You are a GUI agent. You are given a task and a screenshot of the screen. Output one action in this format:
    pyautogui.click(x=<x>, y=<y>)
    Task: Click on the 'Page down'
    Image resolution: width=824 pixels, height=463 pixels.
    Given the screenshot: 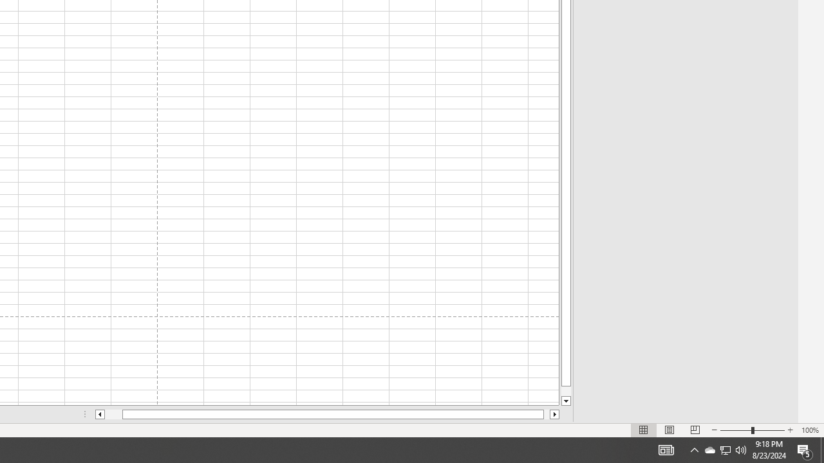 What is the action you would take?
    pyautogui.click(x=566, y=390)
    